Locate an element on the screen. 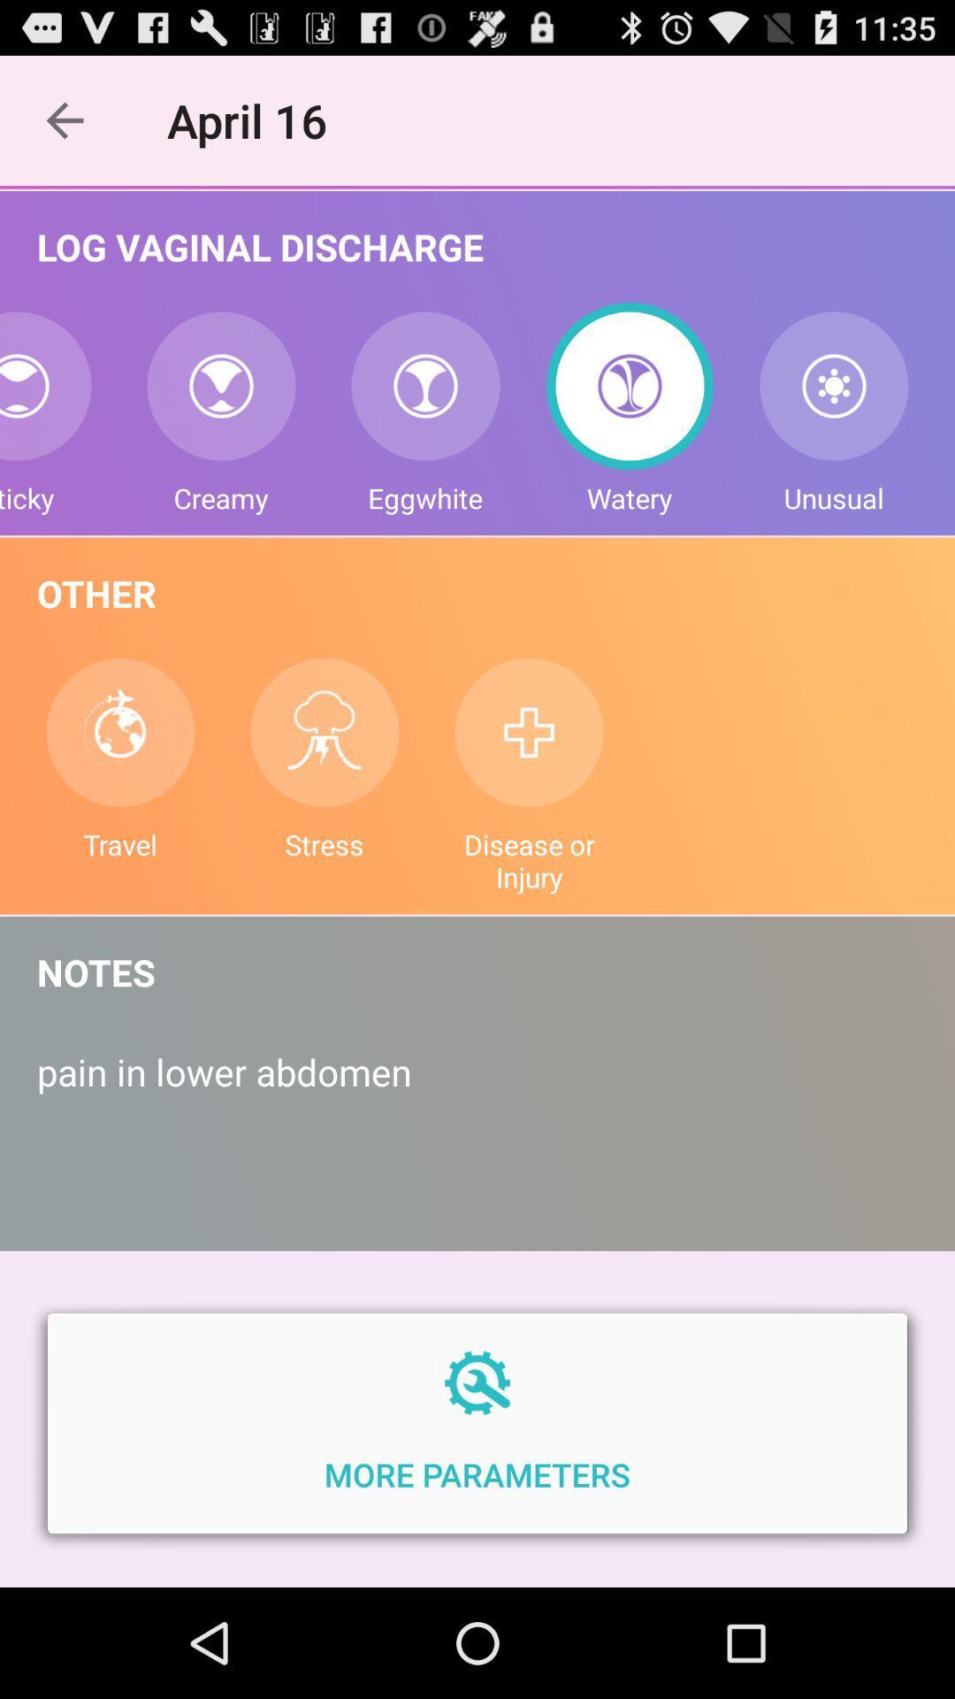 The height and width of the screenshot is (1699, 955). the icon above log vaginal discharge is located at coordinates (256, 119).